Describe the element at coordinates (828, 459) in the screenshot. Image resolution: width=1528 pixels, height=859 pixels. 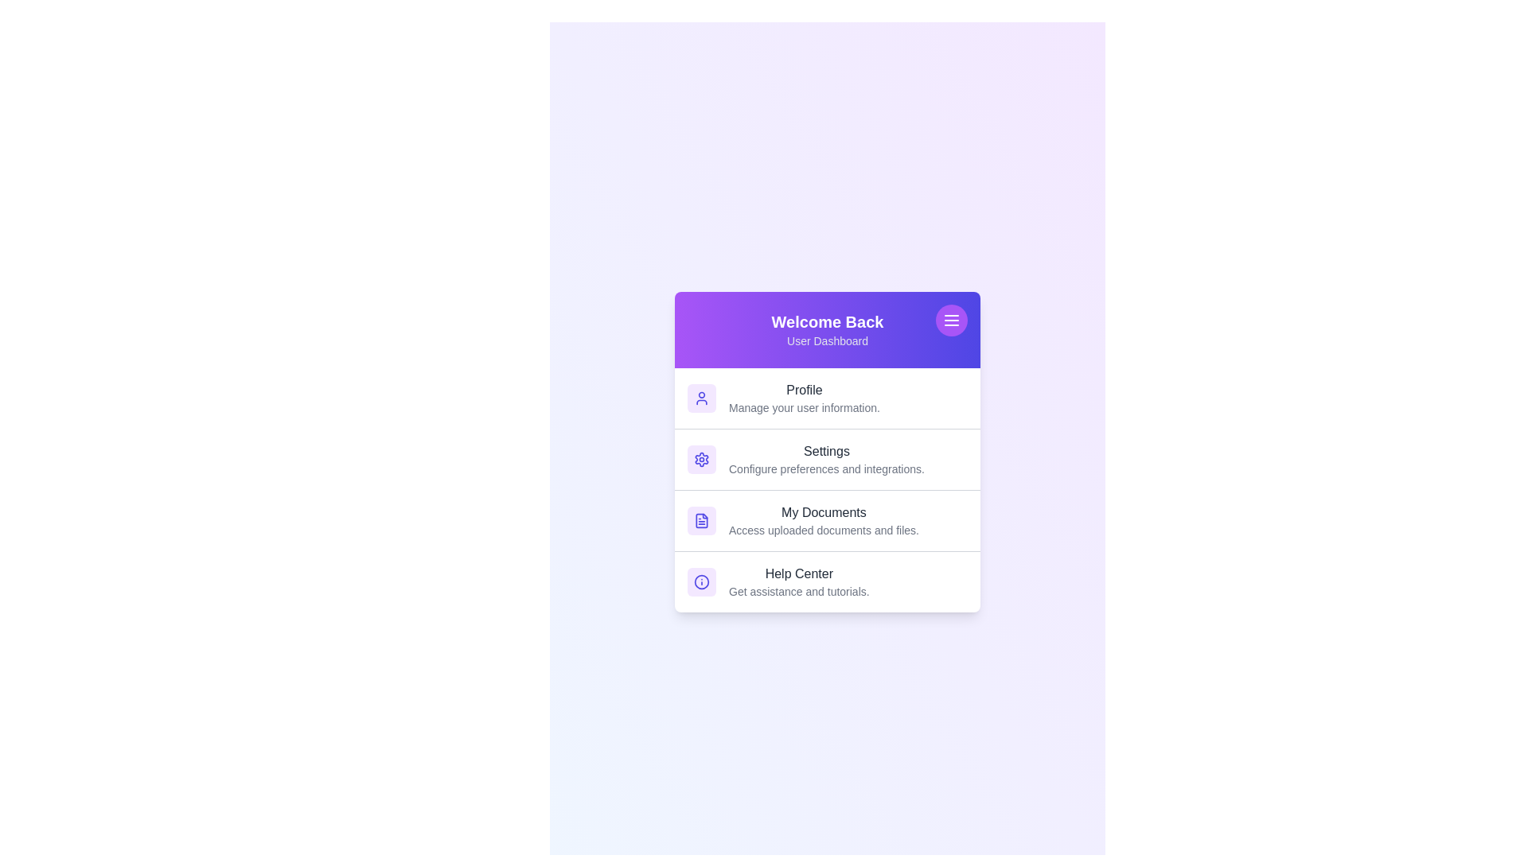
I see `the list item corresponding to Settings` at that location.